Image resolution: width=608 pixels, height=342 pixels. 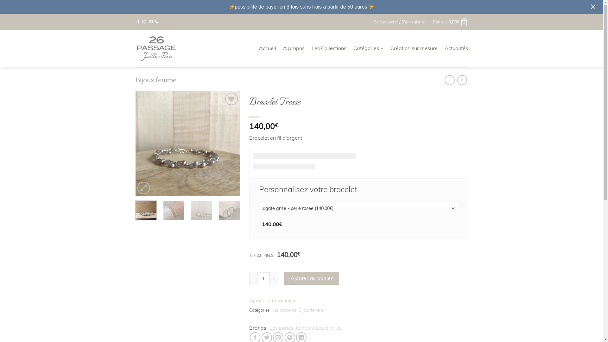 I want to click on 'Ajouter au panier', so click(x=312, y=278).